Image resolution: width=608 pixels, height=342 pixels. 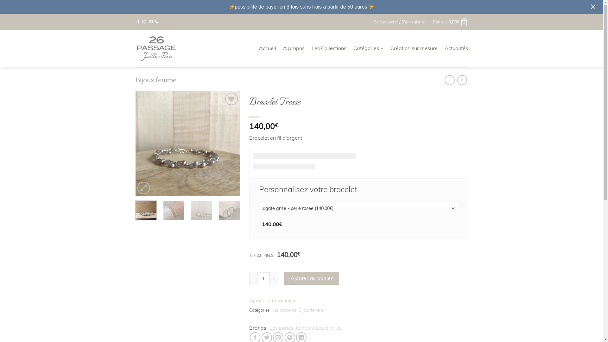 I want to click on 'Ajouter au panier', so click(x=312, y=278).